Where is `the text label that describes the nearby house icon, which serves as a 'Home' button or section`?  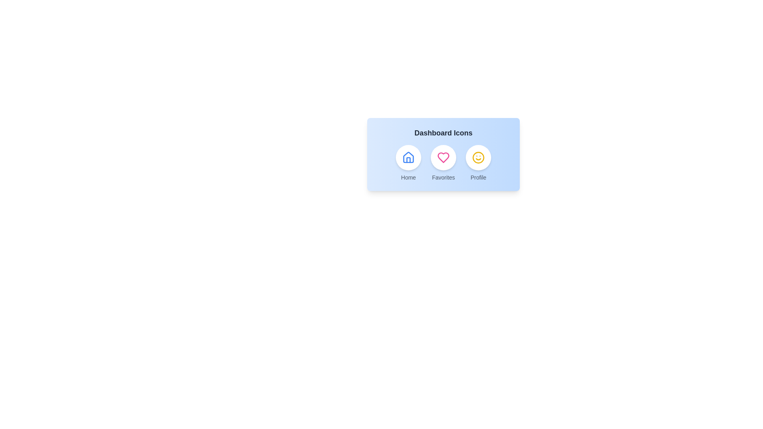
the text label that describes the nearby house icon, which serves as a 'Home' button or section is located at coordinates (408, 177).